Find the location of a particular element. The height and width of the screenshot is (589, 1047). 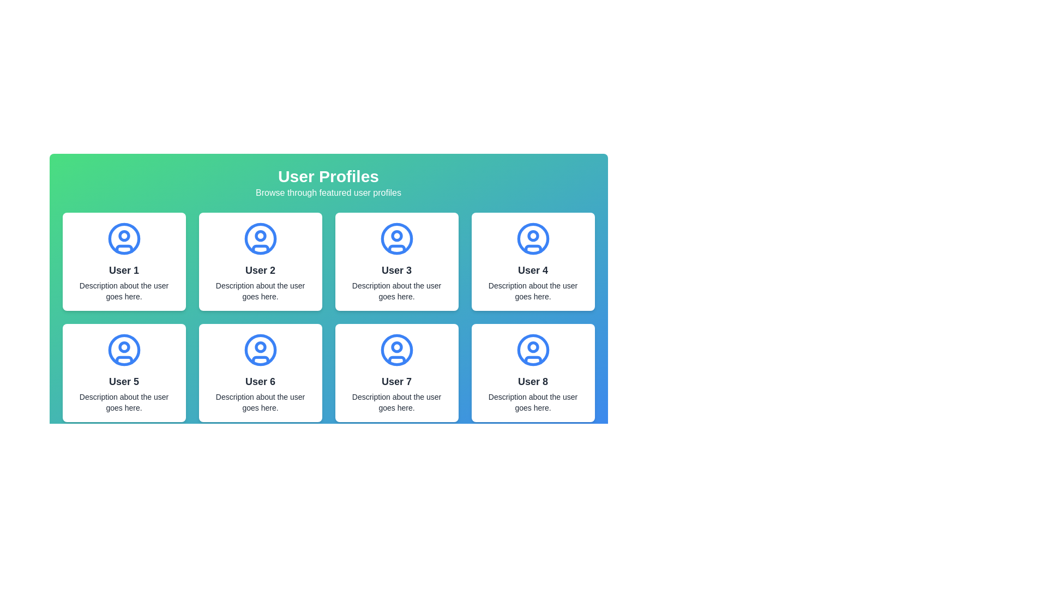

the user profile icon representing 'User 2' in the grid of user profiles, located at the second position in the top row is located at coordinates (260, 238).